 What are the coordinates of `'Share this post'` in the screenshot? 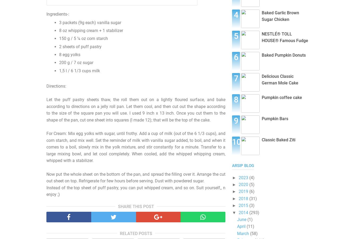 It's located at (136, 206).